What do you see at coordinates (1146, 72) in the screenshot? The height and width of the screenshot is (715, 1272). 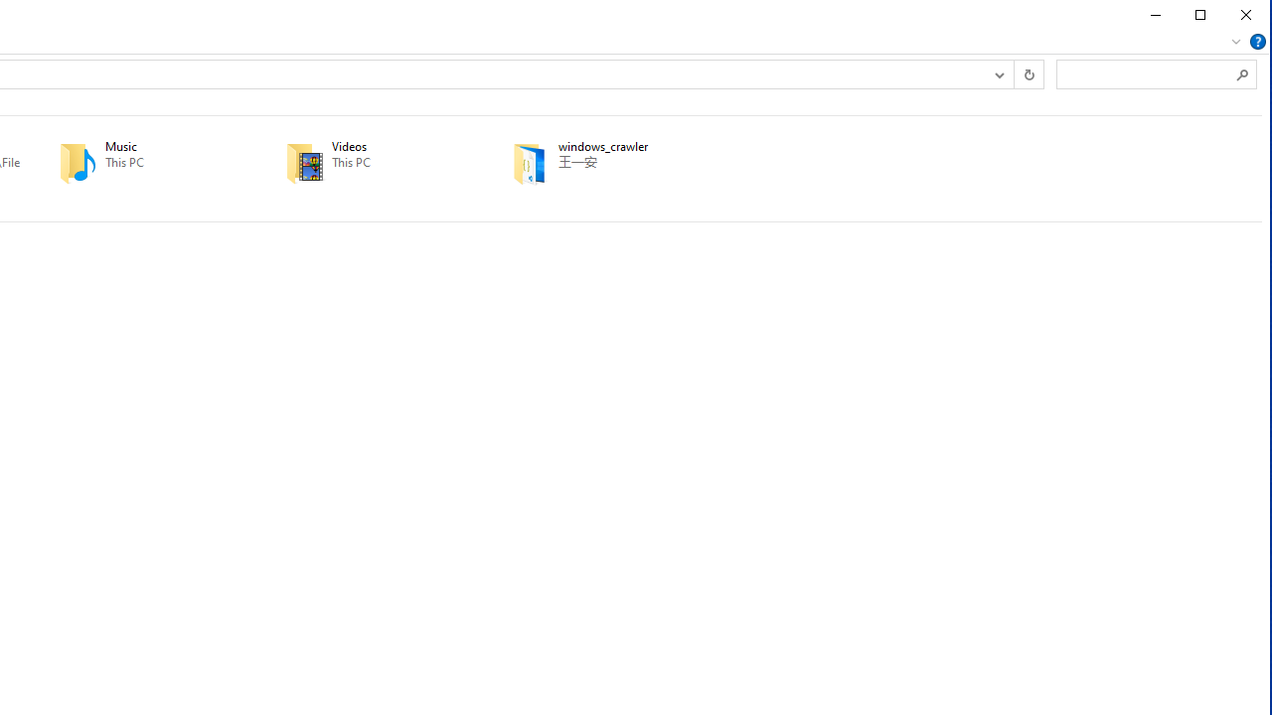 I see `'Search Box'` at bounding box center [1146, 72].